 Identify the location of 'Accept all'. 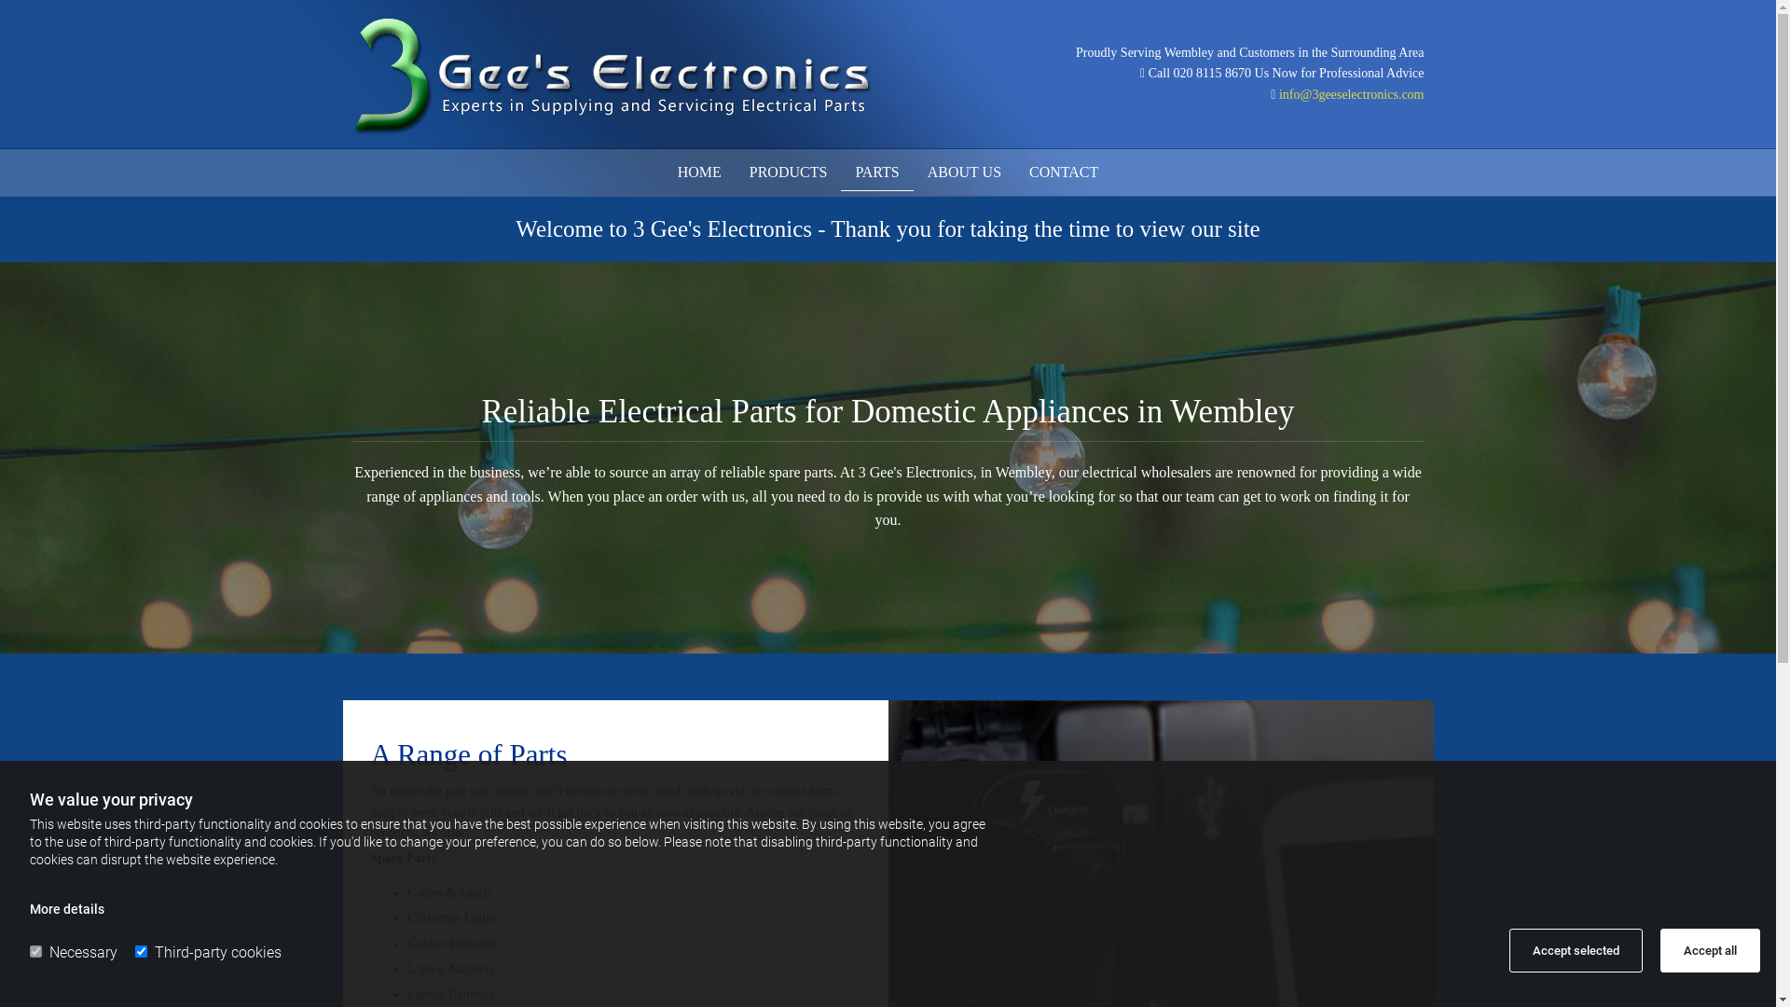
(1710, 950).